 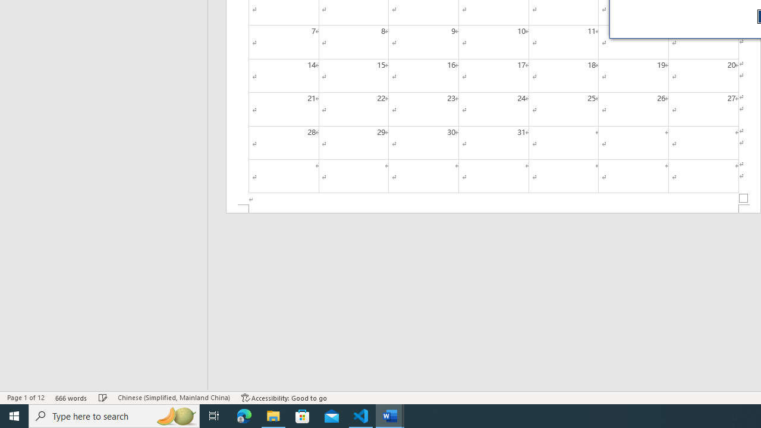 What do you see at coordinates (390, 415) in the screenshot?
I see `'Word - 2 running windows'` at bounding box center [390, 415].